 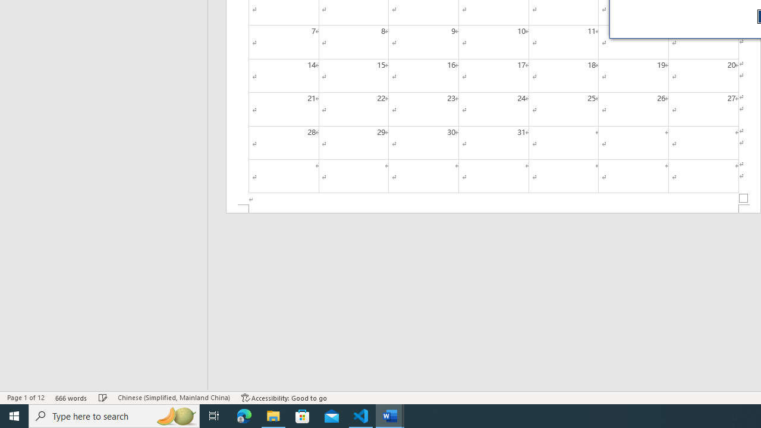 What do you see at coordinates (390, 415) in the screenshot?
I see `'Word - 2 running windows'` at bounding box center [390, 415].